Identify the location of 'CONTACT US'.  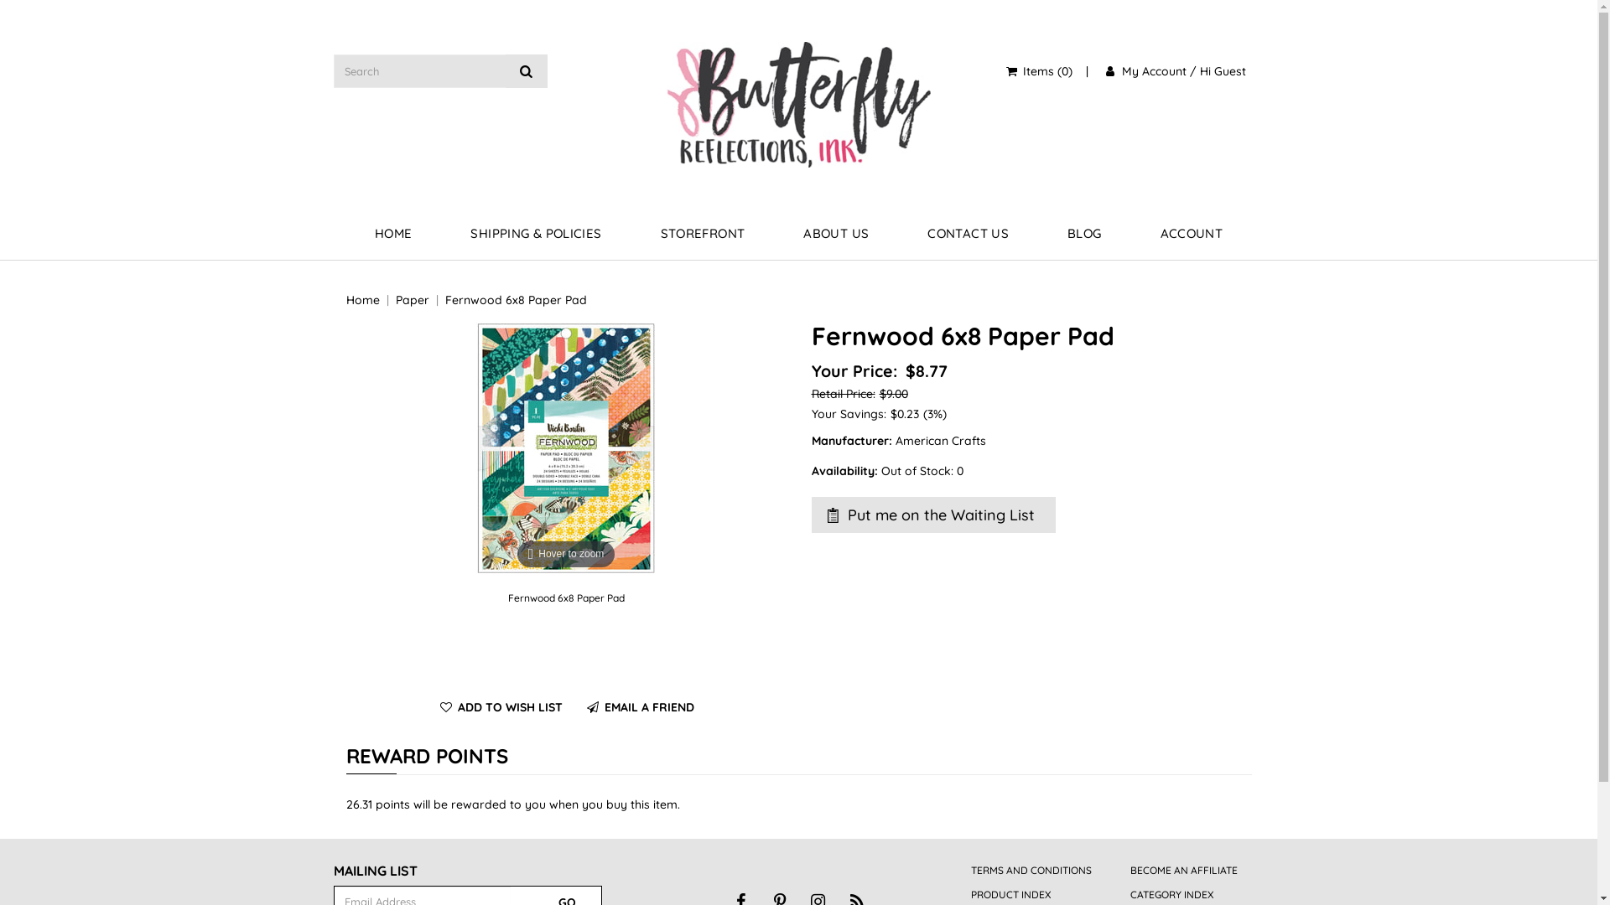
(968, 235).